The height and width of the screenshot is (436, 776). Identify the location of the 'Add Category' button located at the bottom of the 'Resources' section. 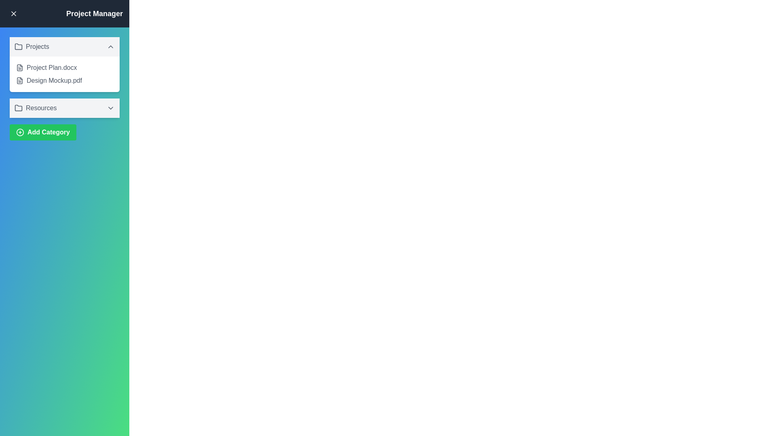
(42, 132).